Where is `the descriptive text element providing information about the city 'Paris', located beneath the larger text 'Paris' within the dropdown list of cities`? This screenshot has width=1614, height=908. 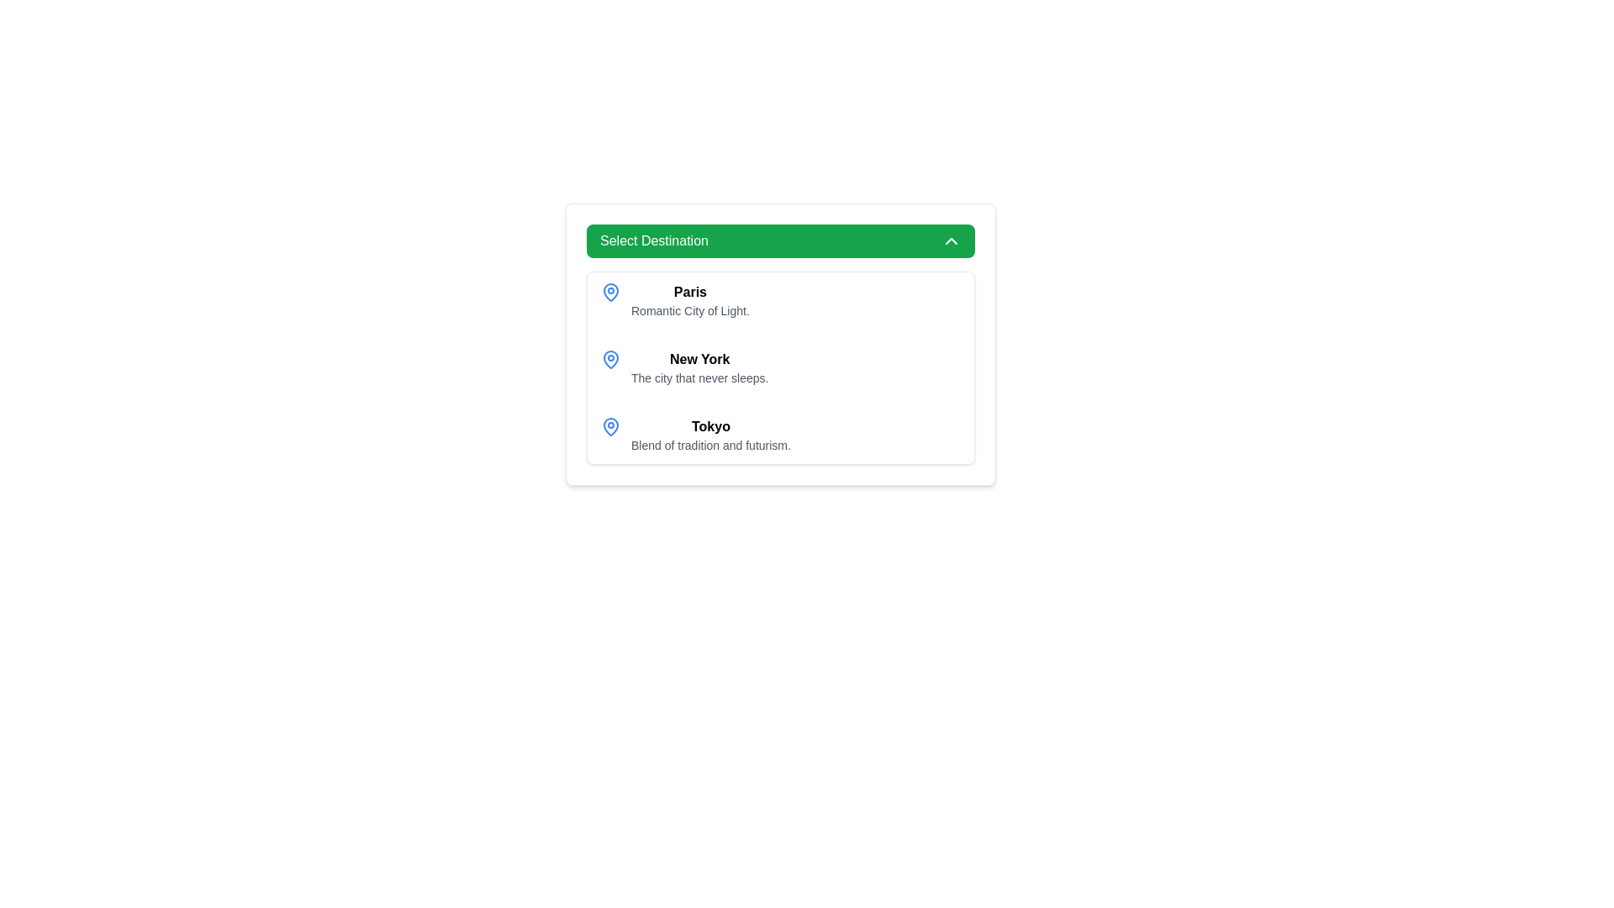 the descriptive text element providing information about the city 'Paris', located beneath the larger text 'Paris' within the dropdown list of cities is located at coordinates (690, 311).